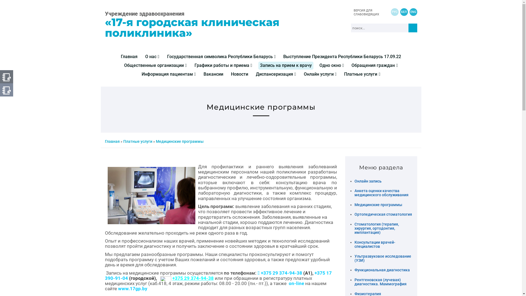  What do you see at coordinates (132, 288) in the screenshot?
I see `'www.17gp.by'` at bounding box center [132, 288].